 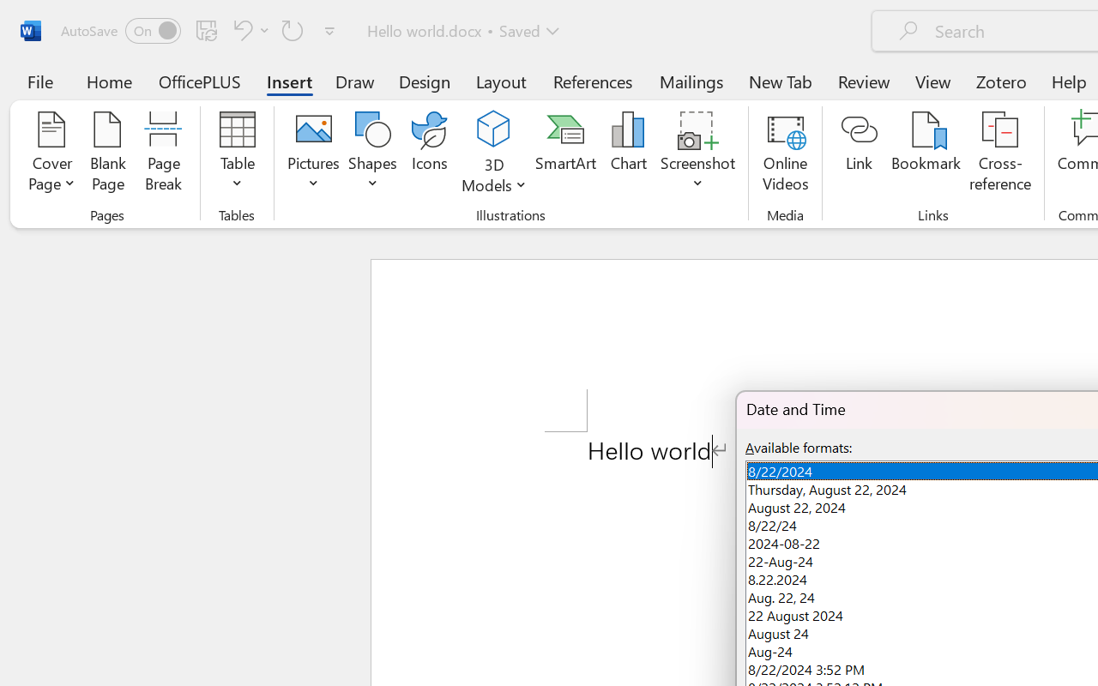 What do you see at coordinates (860, 153) in the screenshot?
I see `'Link'` at bounding box center [860, 153].